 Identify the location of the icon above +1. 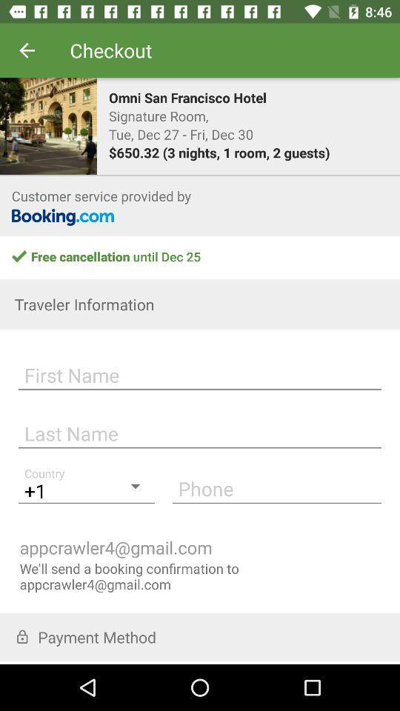
(200, 431).